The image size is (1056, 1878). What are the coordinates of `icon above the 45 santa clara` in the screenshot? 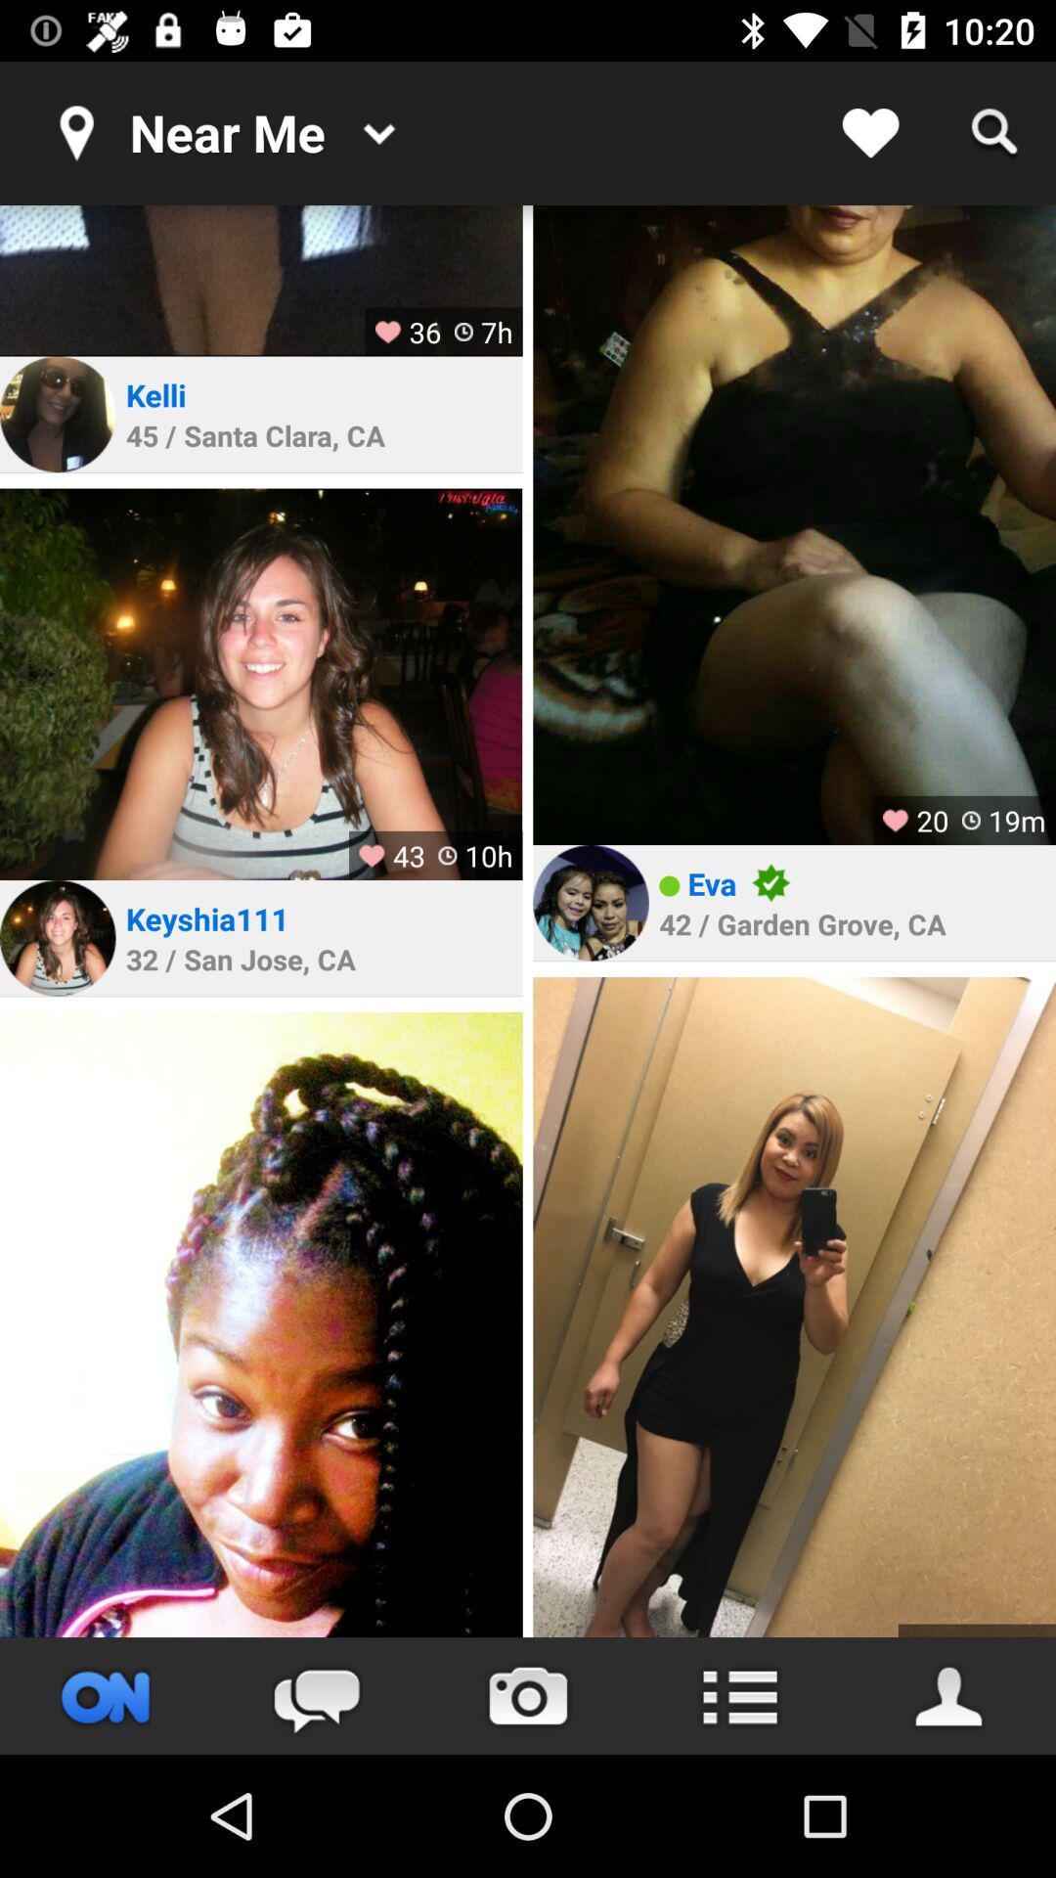 It's located at (158, 393).